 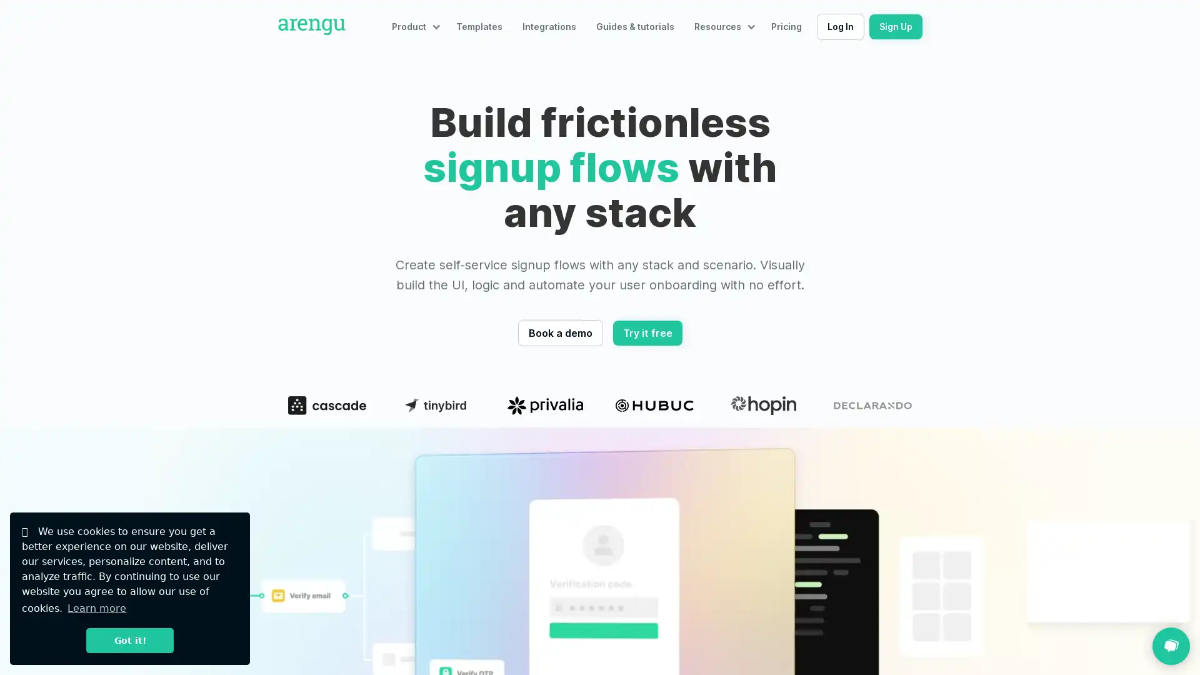 What do you see at coordinates (129, 640) in the screenshot?
I see `dismiss cookie message` at bounding box center [129, 640].